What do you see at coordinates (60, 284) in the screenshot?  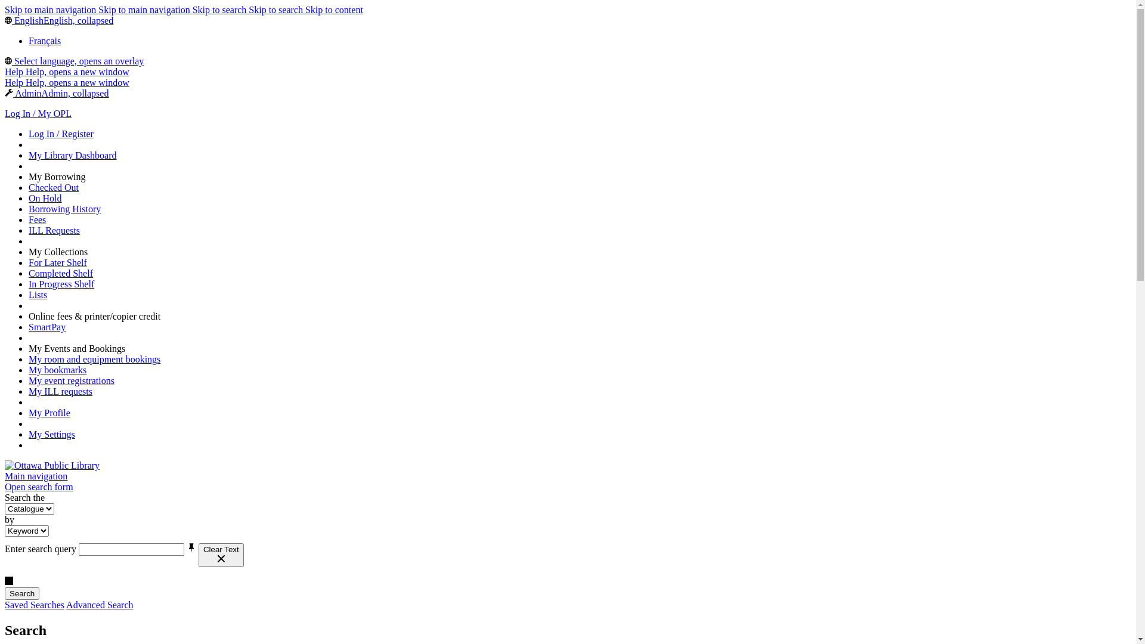 I see `'In Progress Shelf'` at bounding box center [60, 284].